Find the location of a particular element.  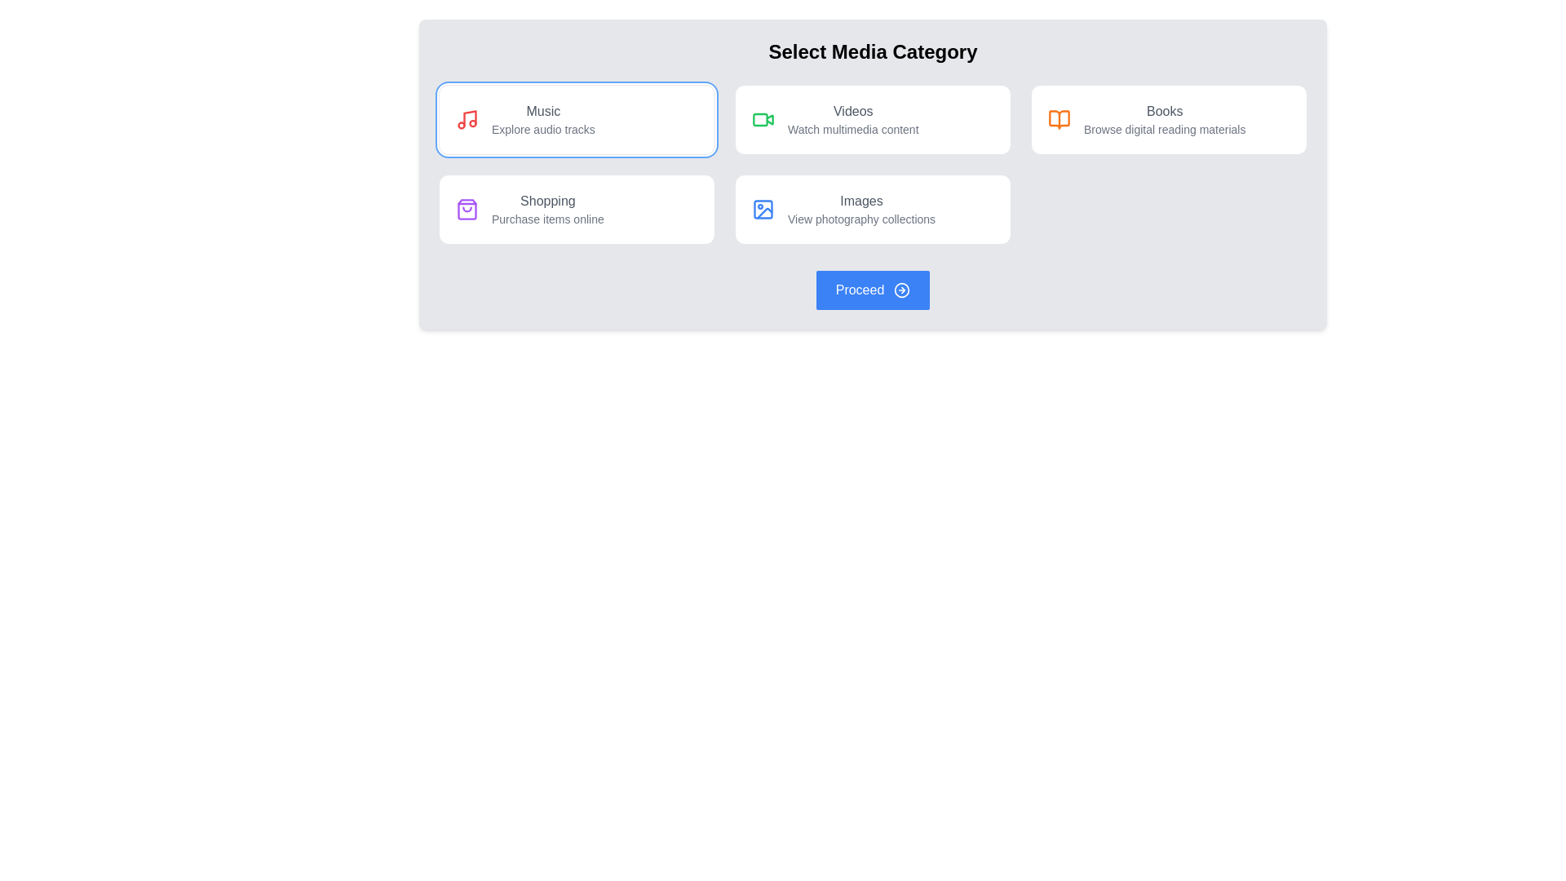

the 'Music' label and description text element, which is part of a rectangular card styled with a light background, featuring the text 'Music' in larger gray font and 'Explore audio tracks' in smaller gray font, located in the top-left card under the 'Select Media Category' header is located at coordinates (543, 118).